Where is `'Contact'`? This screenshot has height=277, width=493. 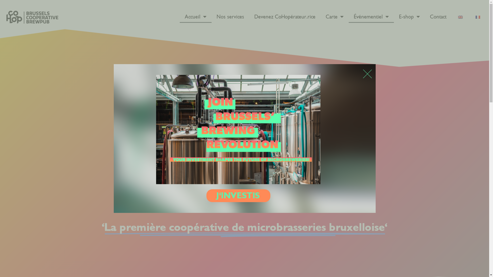 'Contact' is located at coordinates (438, 16).